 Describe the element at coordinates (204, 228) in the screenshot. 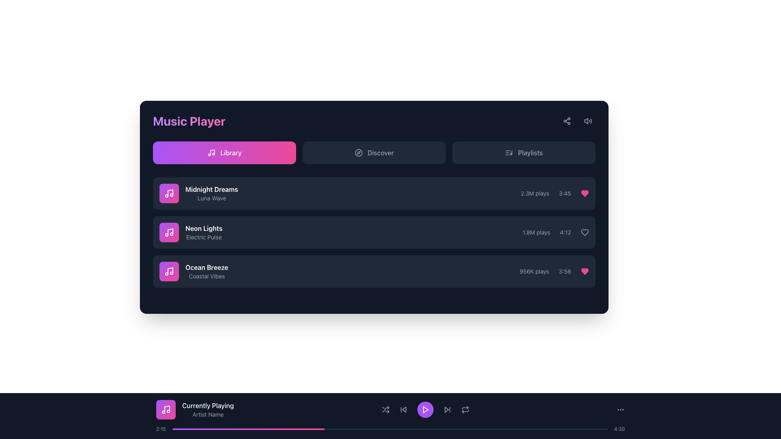

I see `the 'Neon Lights' text label, which is the title of the second music track in the list, displayed in bold white font against a dark background` at that location.